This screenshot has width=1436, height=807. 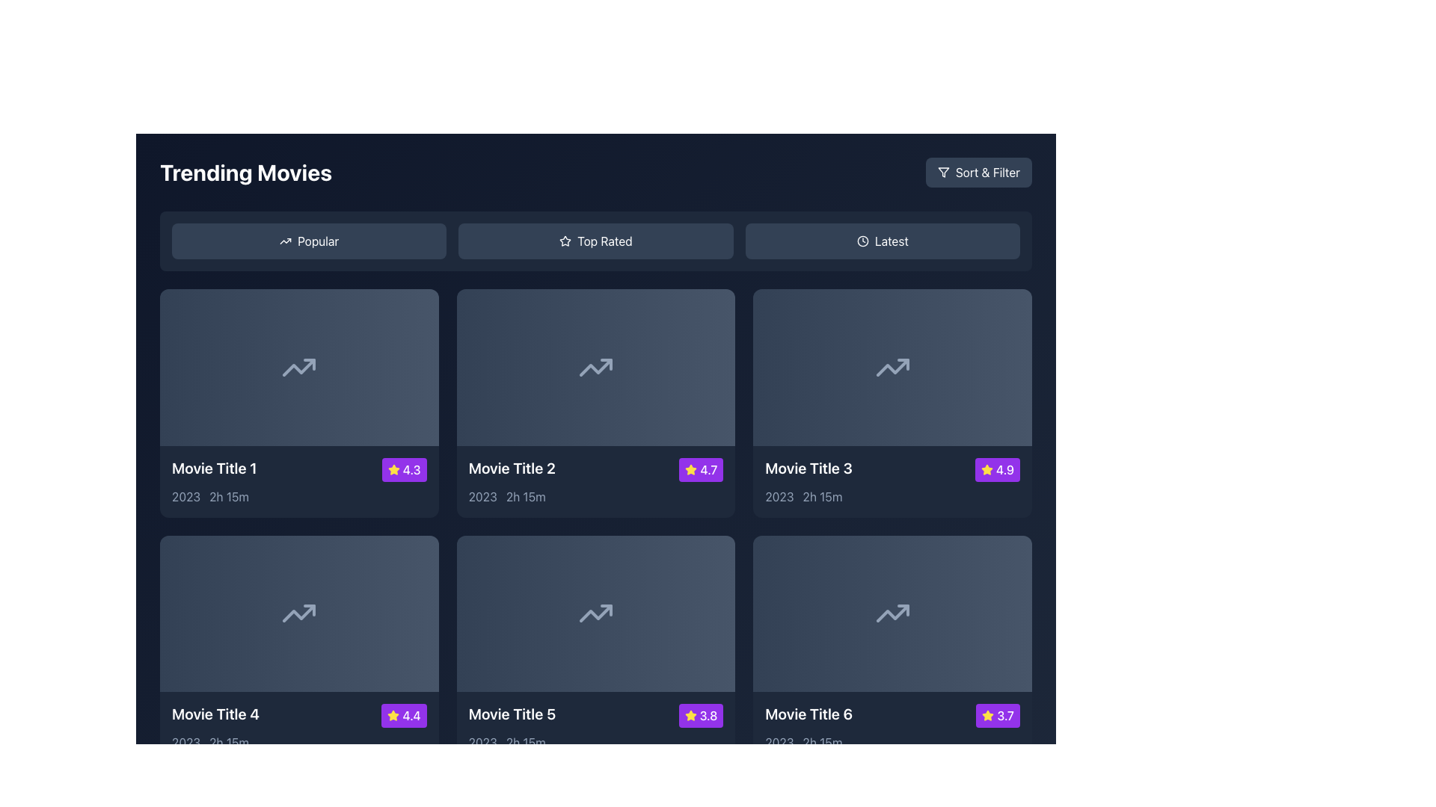 What do you see at coordinates (393, 469) in the screenshot?
I see `the yellow star icon on the purple background located in the bottom right corner of the card labeled 'Movie Title 1'` at bounding box center [393, 469].